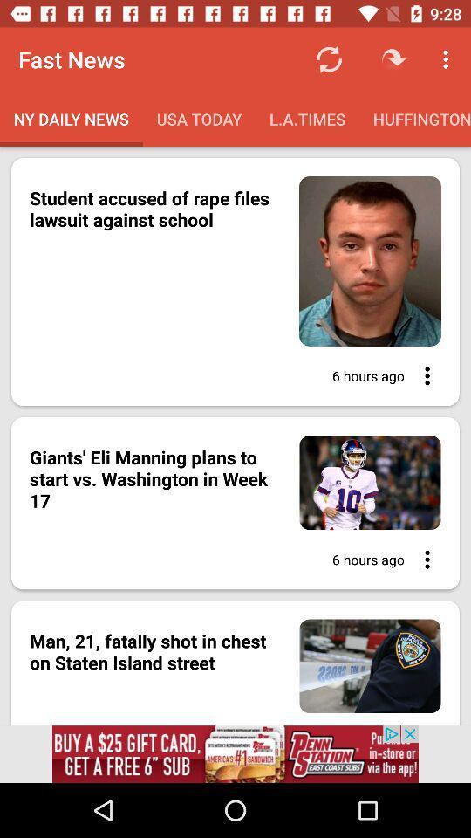  I want to click on the second image beside washington in week, so click(360, 482).